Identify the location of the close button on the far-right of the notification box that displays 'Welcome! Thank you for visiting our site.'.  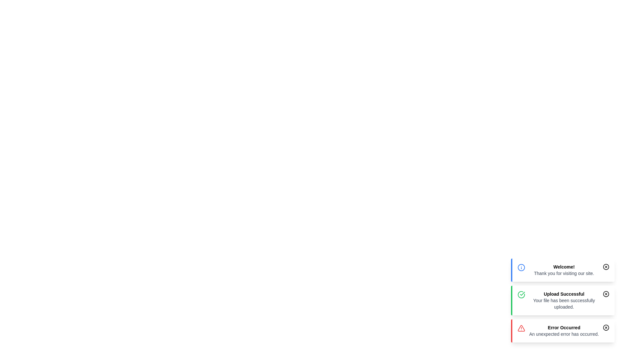
(605, 267).